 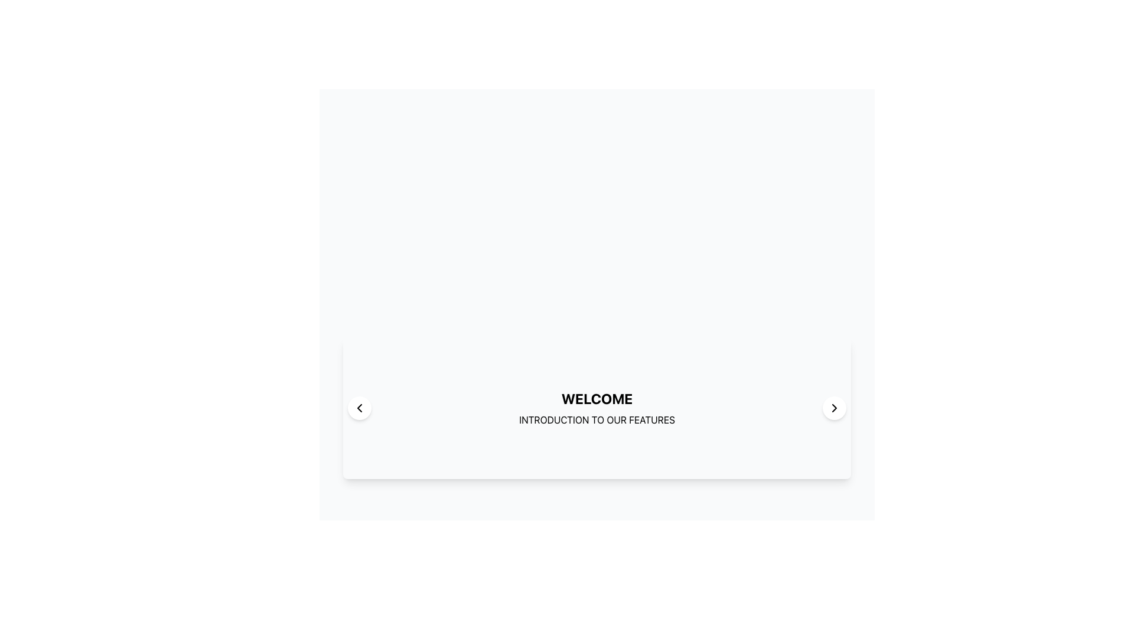 What do you see at coordinates (833, 407) in the screenshot?
I see `the forward navigation icon located on the right side of the circular button` at bounding box center [833, 407].